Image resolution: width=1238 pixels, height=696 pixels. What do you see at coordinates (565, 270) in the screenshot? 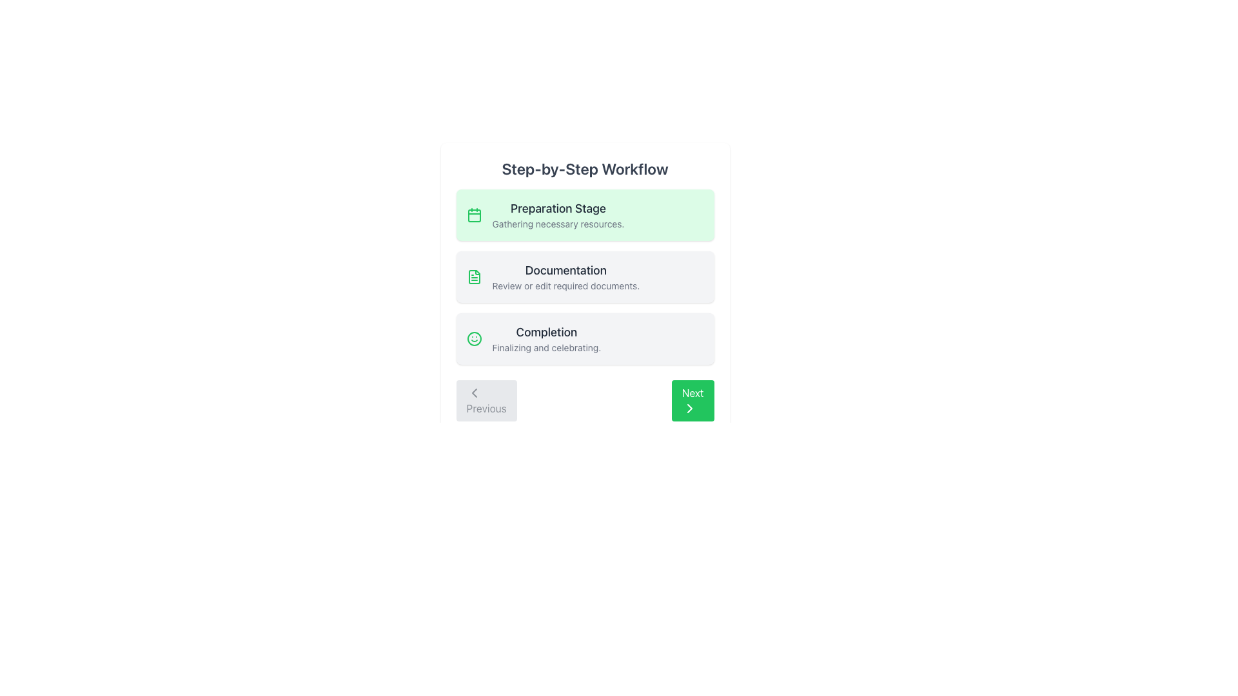
I see `the 'Documentation' text label to focus the section above the subtitle 'Review or edit required documents.'` at bounding box center [565, 270].